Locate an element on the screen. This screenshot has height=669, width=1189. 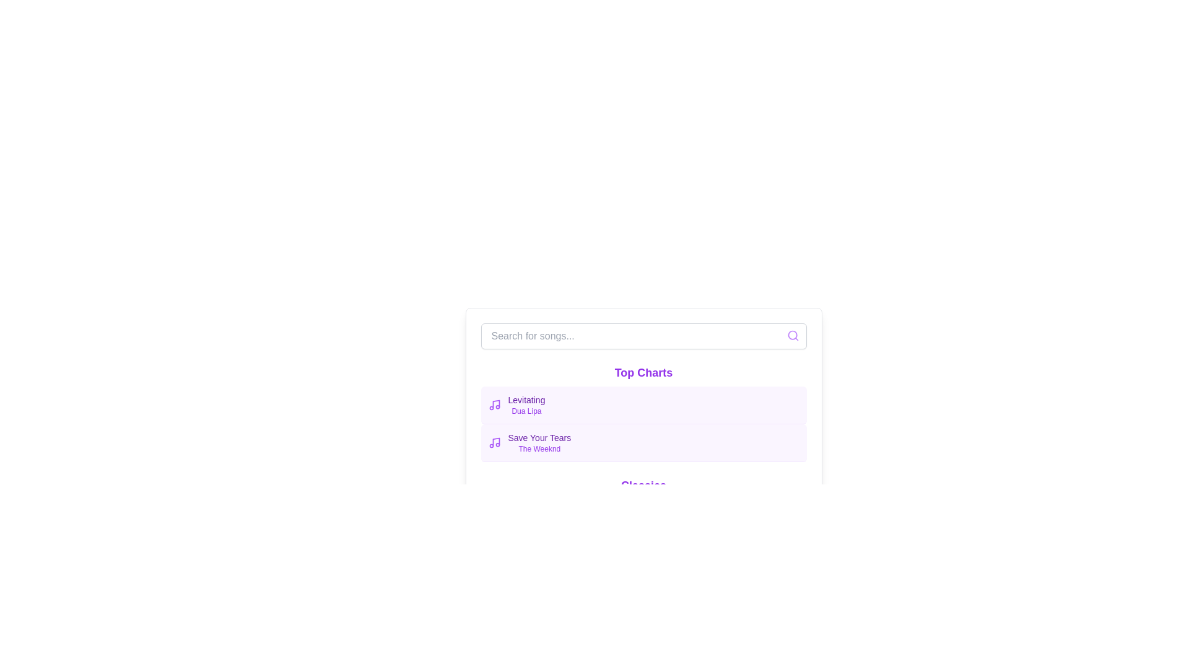
the second card in the music chart display with a light purple background and the song title 'Save Your Tears' is located at coordinates (643, 442).